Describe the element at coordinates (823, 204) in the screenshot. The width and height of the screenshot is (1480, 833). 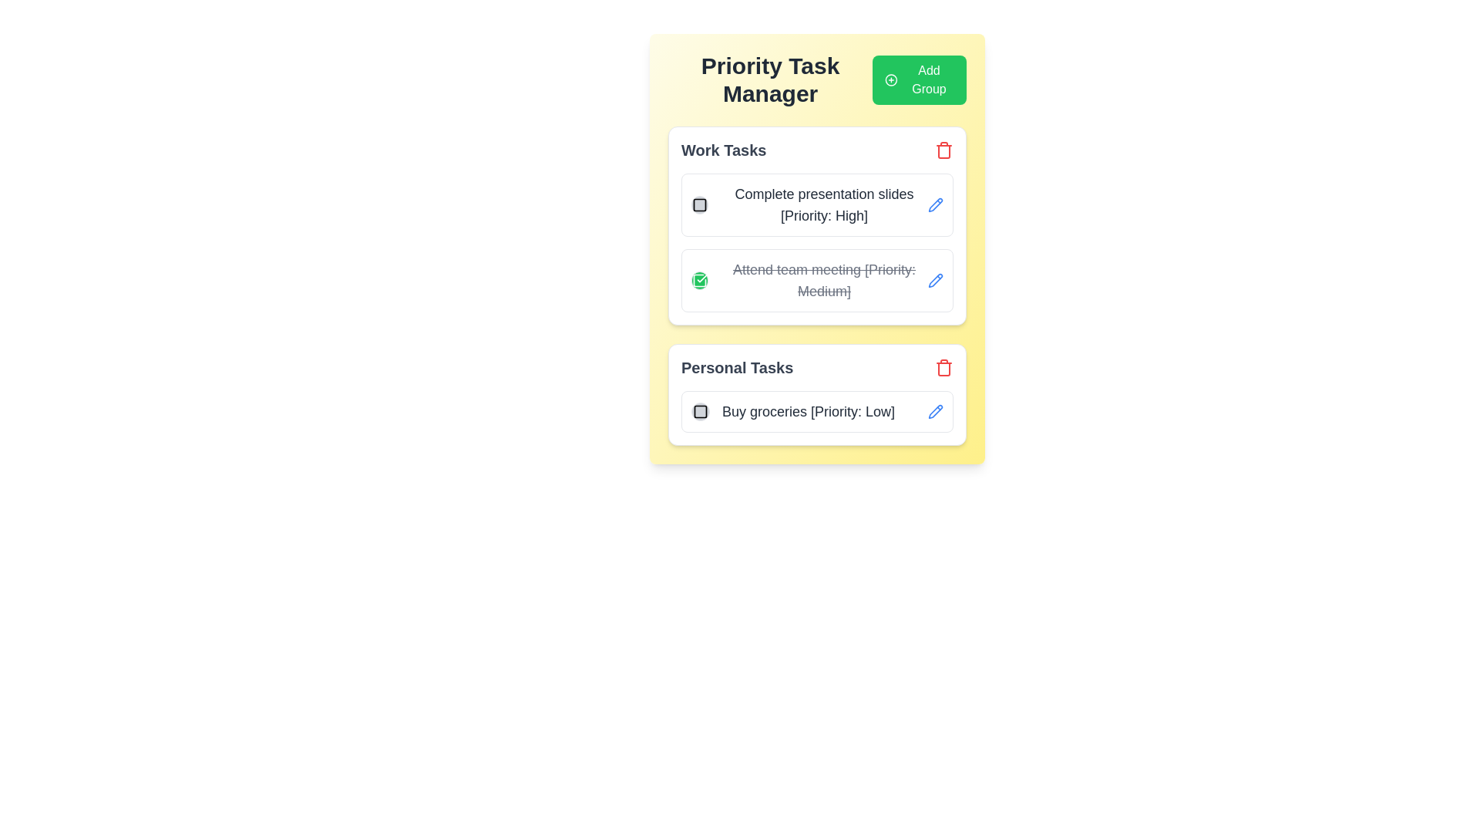
I see `text content of the 'Complete presentation slides' task indicator located in the 'Work Tasks' section of the Priority Task Manager interface` at that location.